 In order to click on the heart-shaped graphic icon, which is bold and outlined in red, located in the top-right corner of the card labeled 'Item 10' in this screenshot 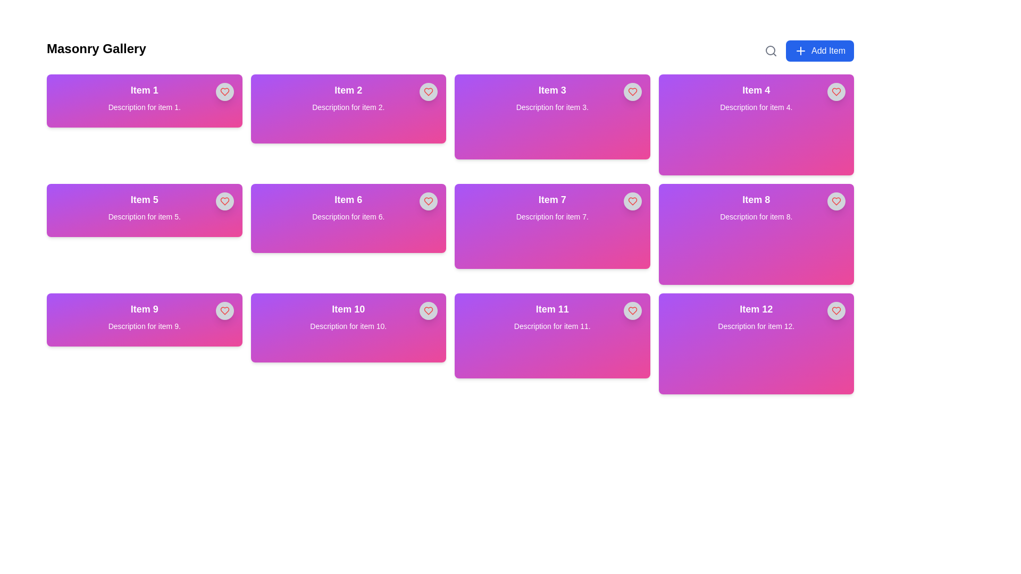, I will do `click(429, 311)`.